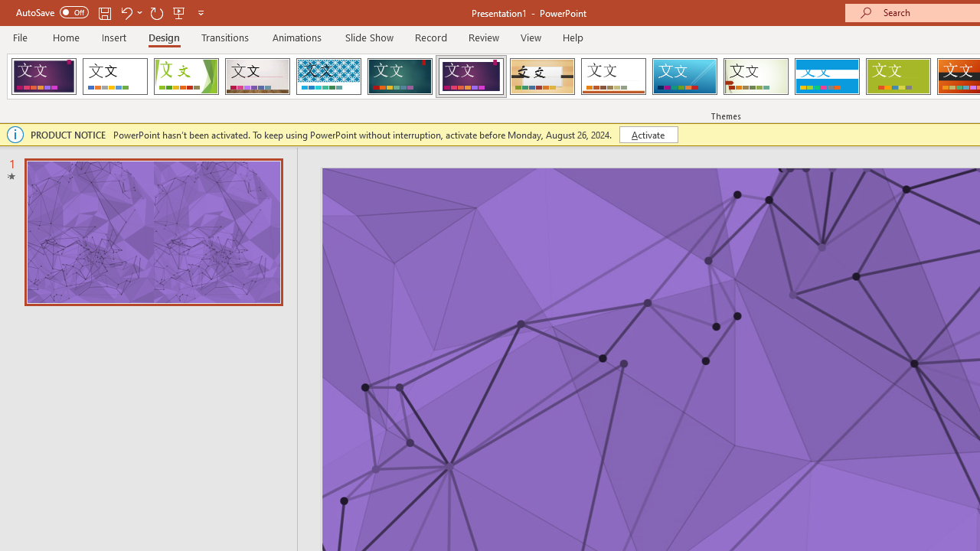 The height and width of the screenshot is (551, 980). I want to click on 'Activate', so click(648, 134).